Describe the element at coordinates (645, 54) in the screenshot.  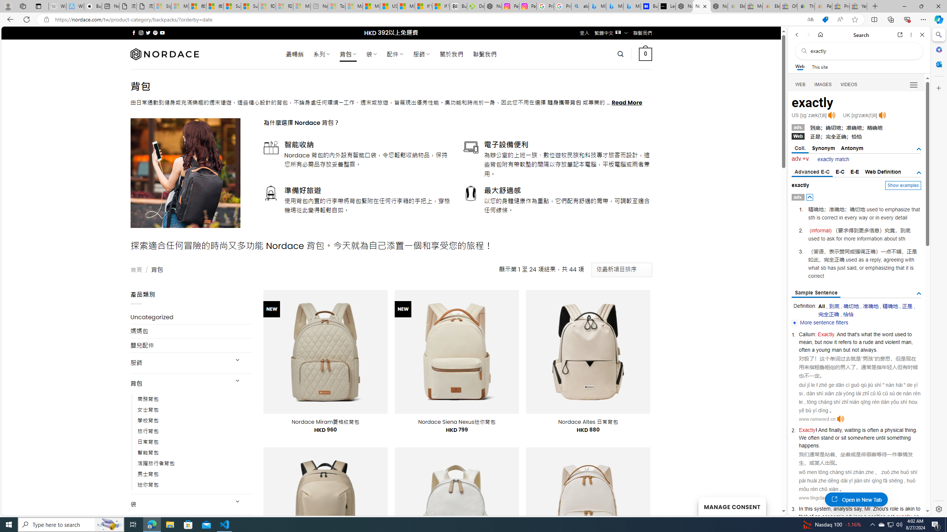
I see `'  0  '` at that location.